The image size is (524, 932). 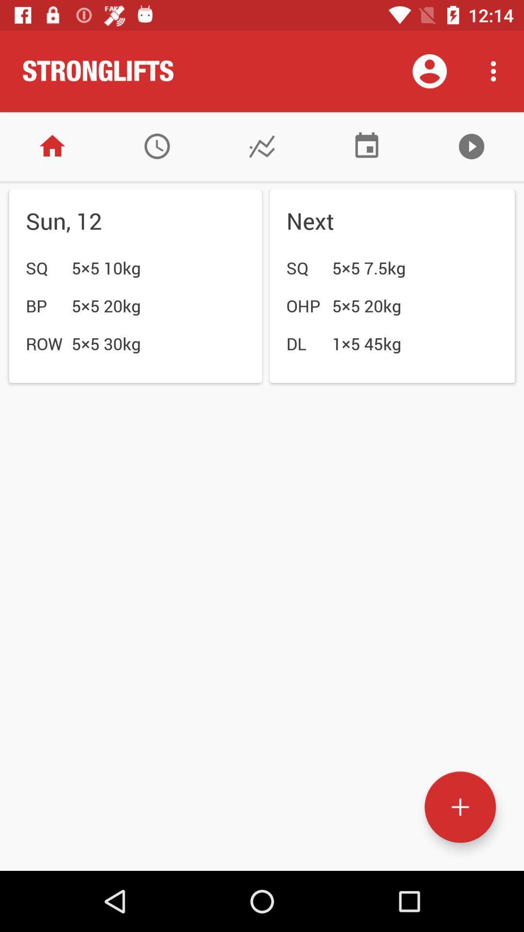 I want to click on go home, so click(x=52, y=146).